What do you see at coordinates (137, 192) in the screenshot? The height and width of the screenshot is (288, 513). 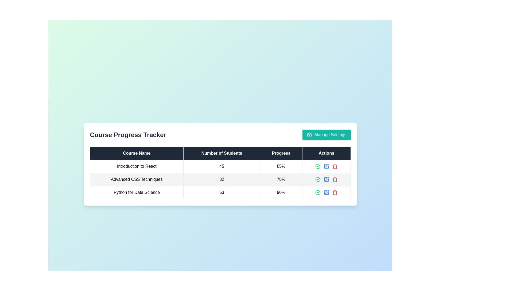 I see `the text label that reads 'Python for Data Science', located in the third row of the 'Course Progress Tracker' table under the 'Course Name' column` at bounding box center [137, 192].